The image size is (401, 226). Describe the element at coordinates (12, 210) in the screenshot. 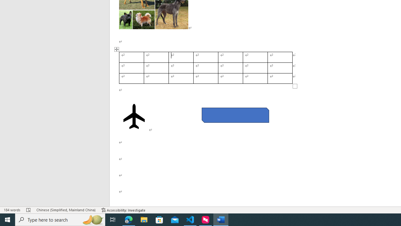

I see `'Word Count 184 words'` at that location.